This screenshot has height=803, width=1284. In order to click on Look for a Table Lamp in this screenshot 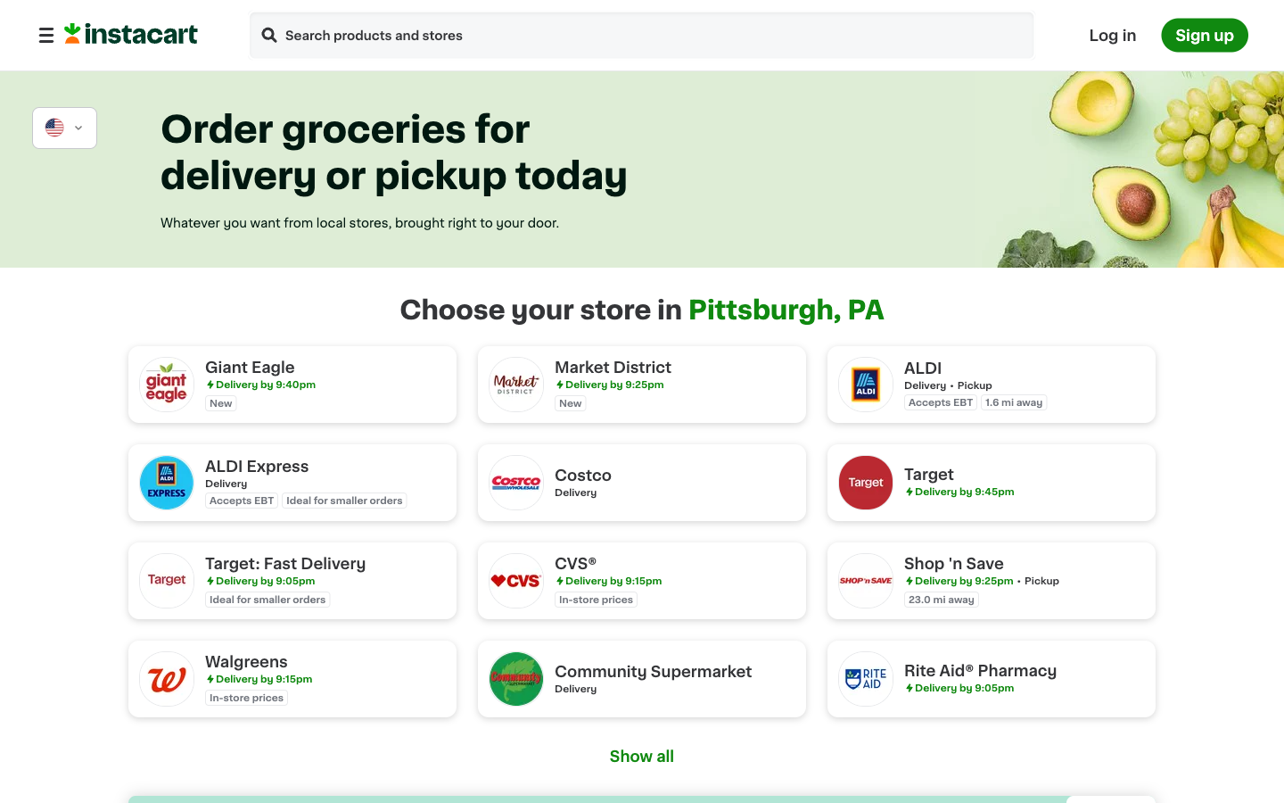, I will do `click(268, 36)`.